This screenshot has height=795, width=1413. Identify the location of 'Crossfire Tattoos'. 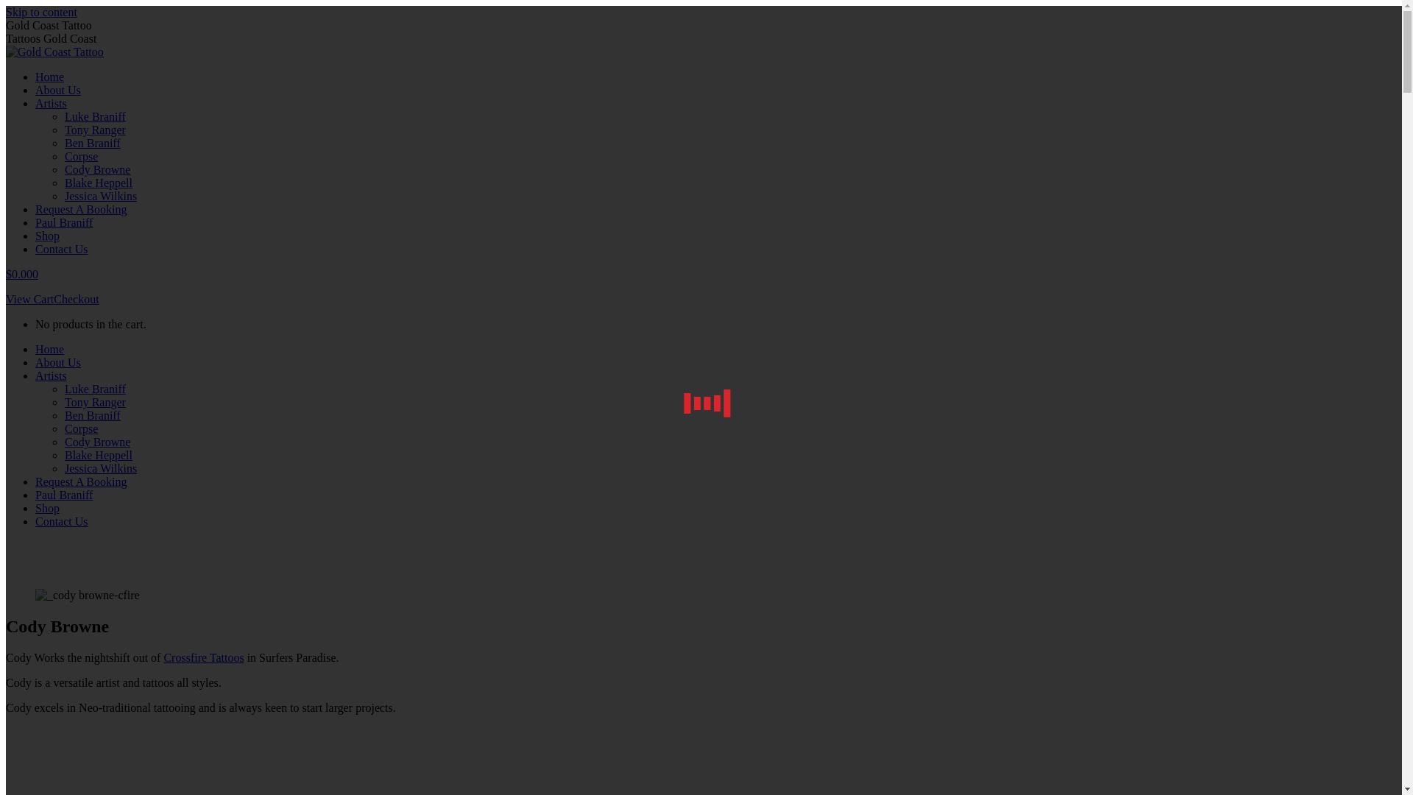
(202, 657).